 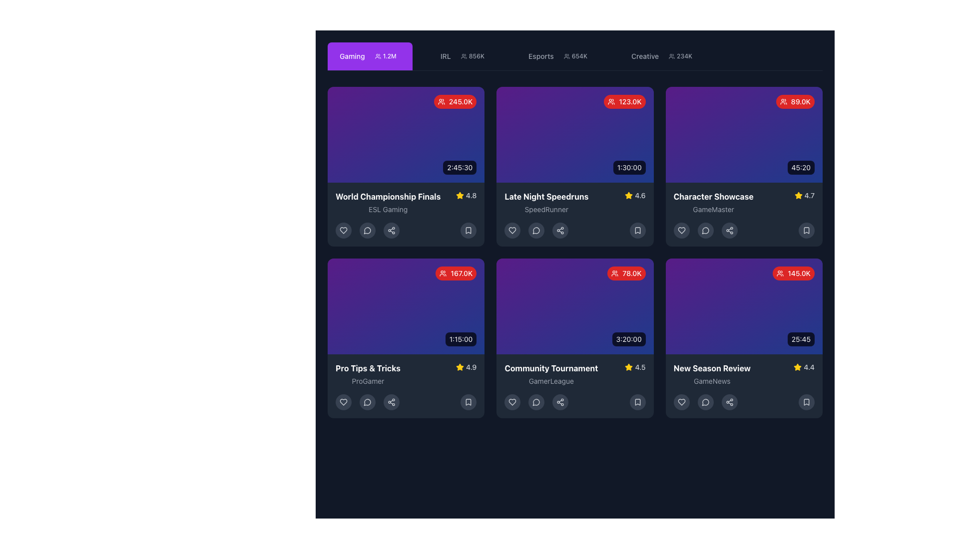 I want to click on the UI card section in the 'Character Showcase' that features a gradient background from purple to blue, with '89.0K' in a red badge at the top right and '45:20' in a black rectangle at the bottom right, so click(x=744, y=135).